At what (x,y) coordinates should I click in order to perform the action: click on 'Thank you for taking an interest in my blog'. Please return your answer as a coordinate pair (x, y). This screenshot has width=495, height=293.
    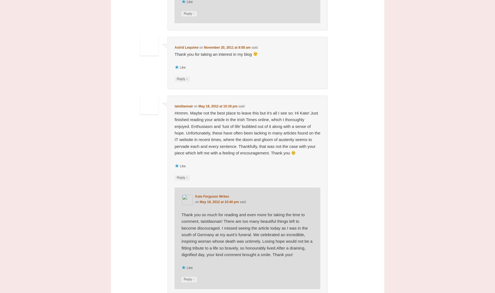
    Looking at the image, I should click on (174, 54).